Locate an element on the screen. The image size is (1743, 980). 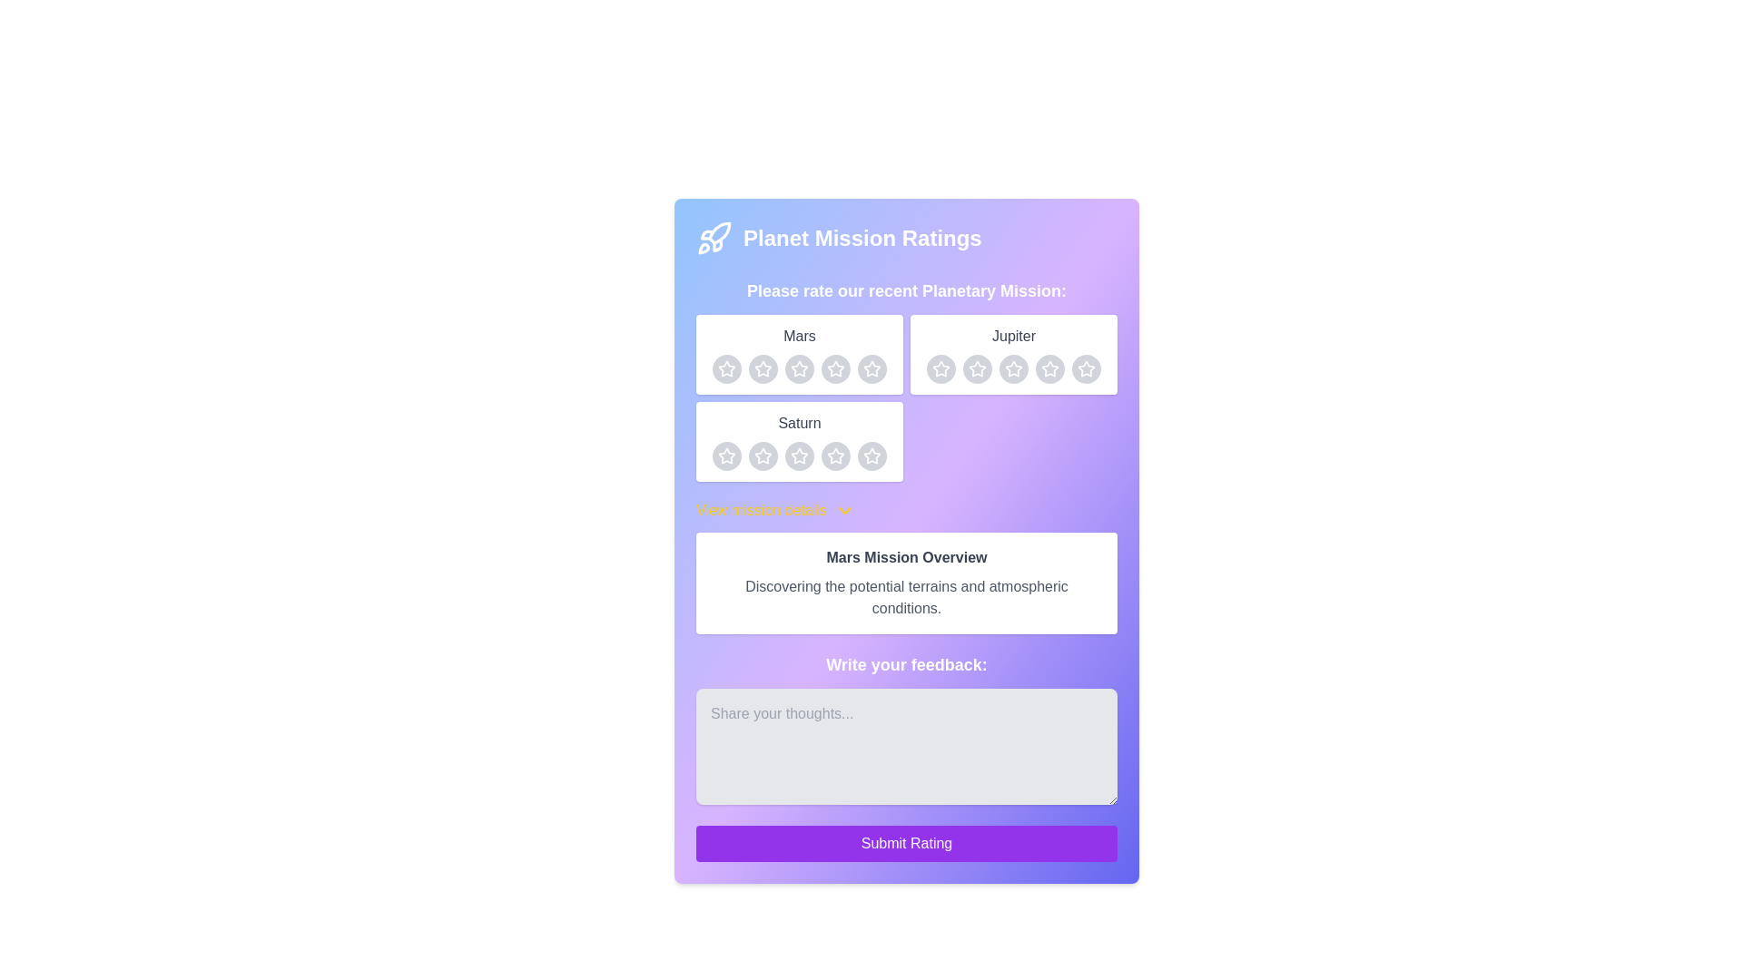
the rocket icon located at the top left of the card header, next to the title 'Planet Mission Ratings' is located at coordinates (714, 237).